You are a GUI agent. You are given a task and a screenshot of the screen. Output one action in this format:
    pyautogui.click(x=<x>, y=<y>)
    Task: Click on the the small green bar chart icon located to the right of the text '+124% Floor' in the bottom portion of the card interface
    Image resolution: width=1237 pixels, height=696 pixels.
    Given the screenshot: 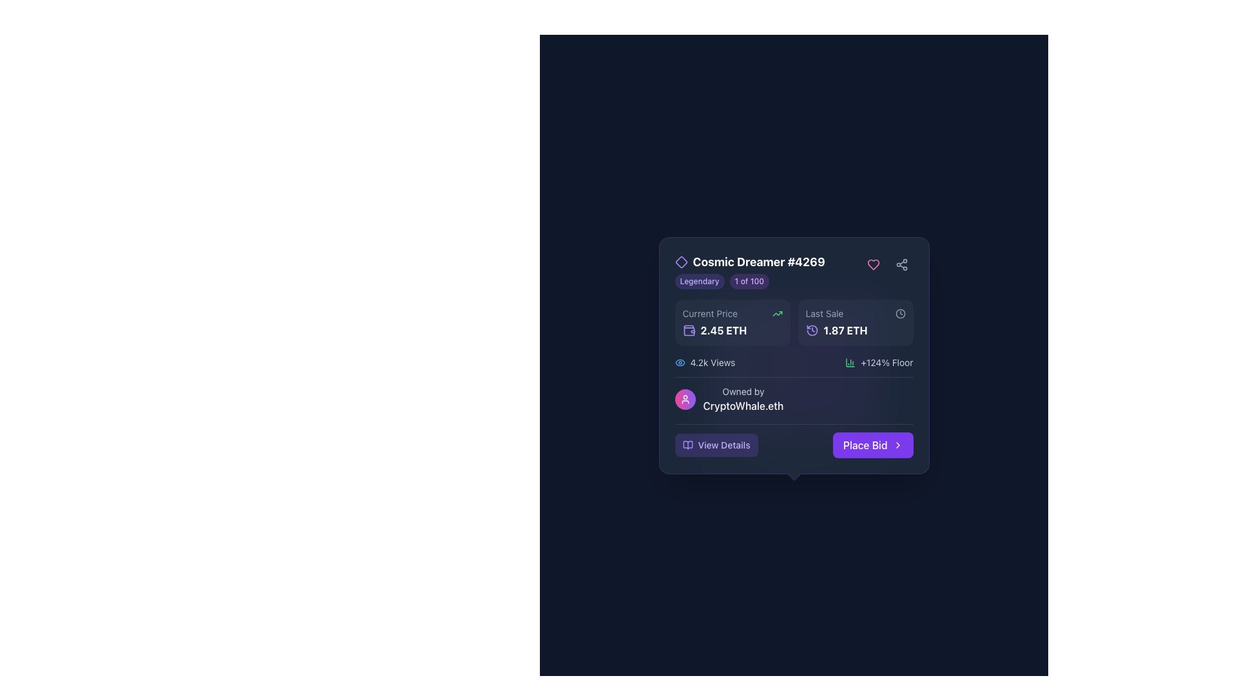 What is the action you would take?
    pyautogui.click(x=850, y=363)
    